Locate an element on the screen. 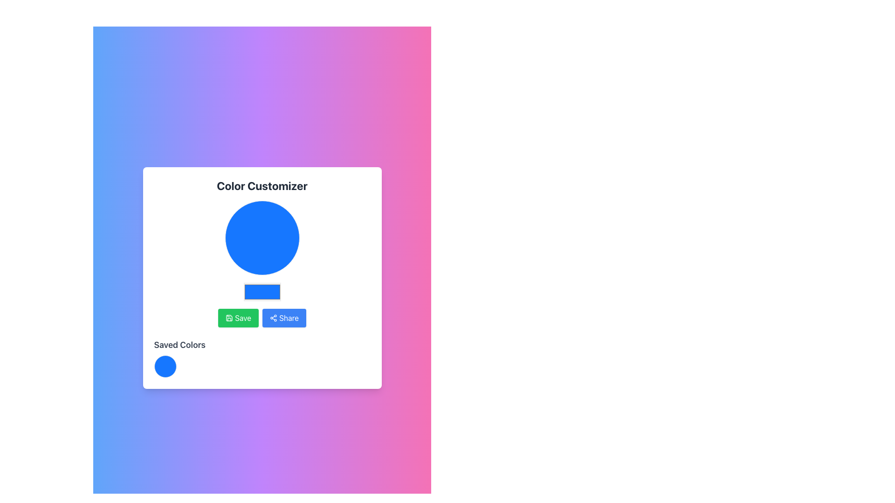  the save disk icon located within the green 'Save' button is located at coordinates (229, 317).